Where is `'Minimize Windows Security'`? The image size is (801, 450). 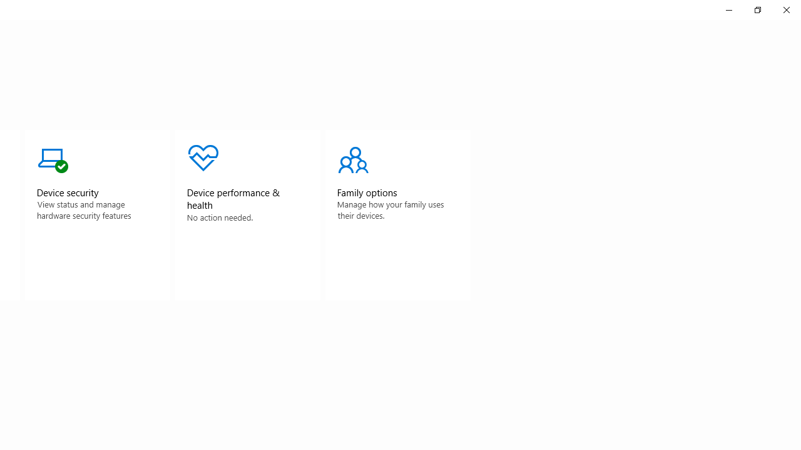
'Minimize Windows Security' is located at coordinates (728, 9).